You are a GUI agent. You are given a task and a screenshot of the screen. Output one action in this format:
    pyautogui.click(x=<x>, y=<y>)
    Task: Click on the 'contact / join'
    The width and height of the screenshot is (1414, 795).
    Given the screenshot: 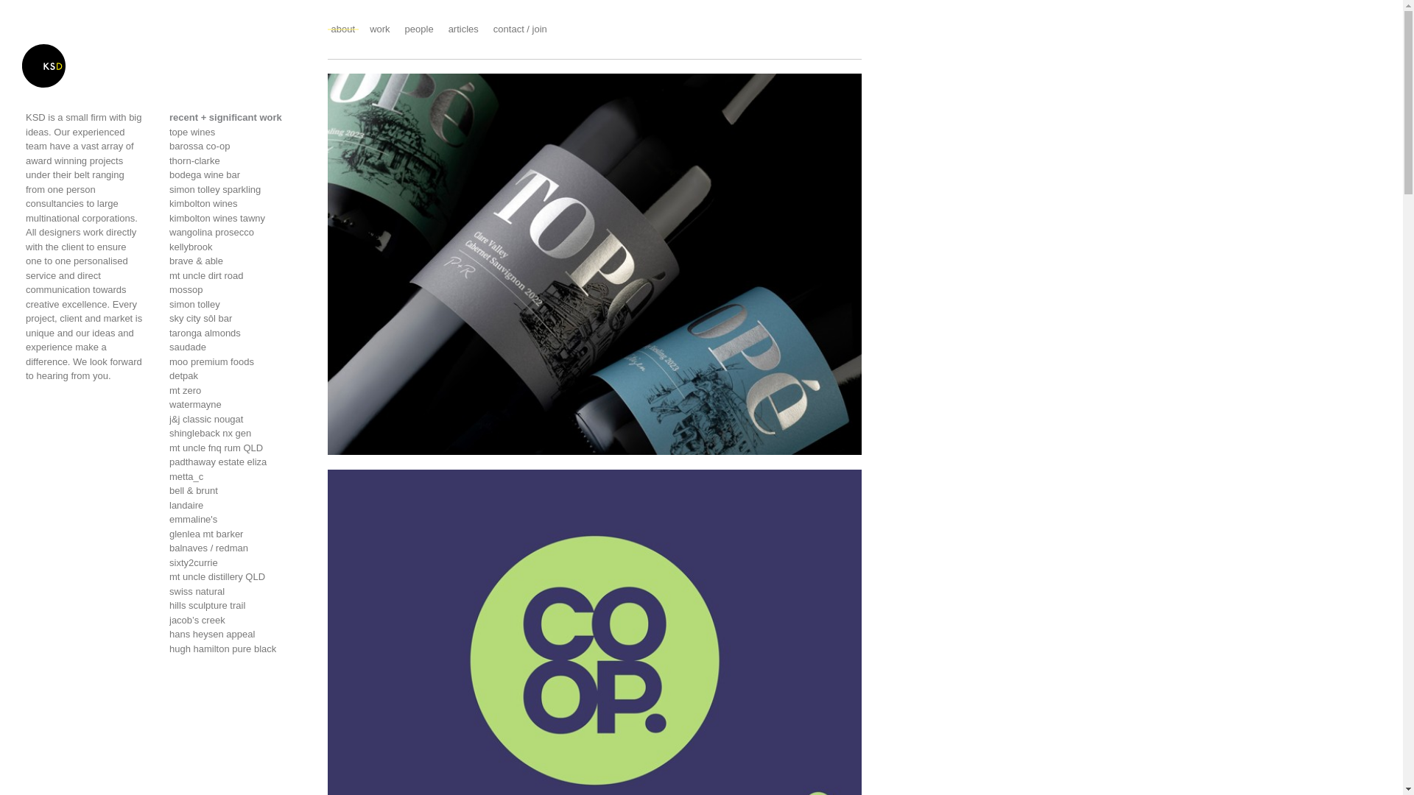 What is the action you would take?
    pyautogui.click(x=520, y=29)
    